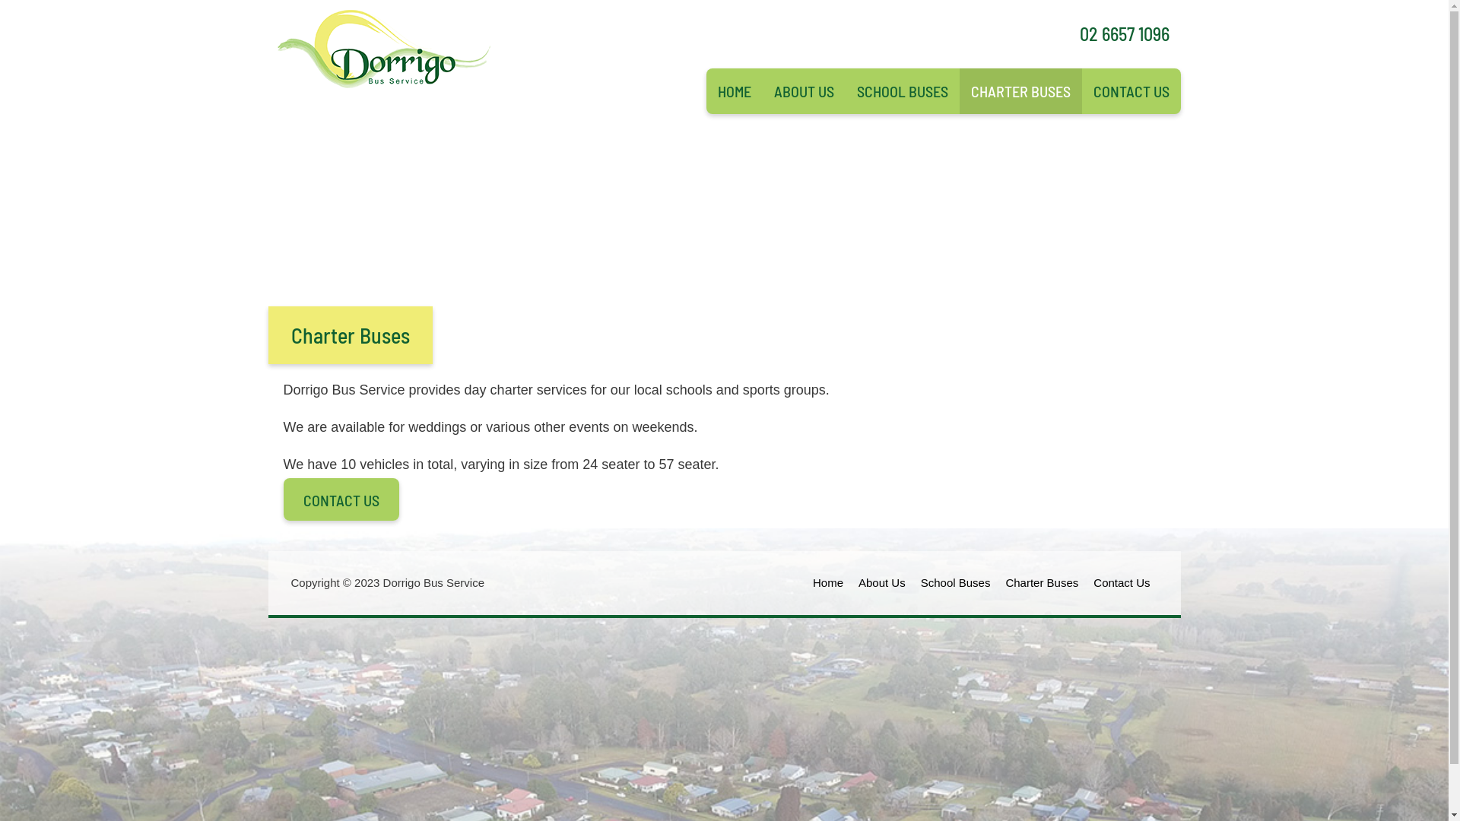 This screenshot has height=821, width=1460. What do you see at coordinates (1131, 90) in the screenshot?
I see `'CONTACT US'` at bounding box center [1131, 90].